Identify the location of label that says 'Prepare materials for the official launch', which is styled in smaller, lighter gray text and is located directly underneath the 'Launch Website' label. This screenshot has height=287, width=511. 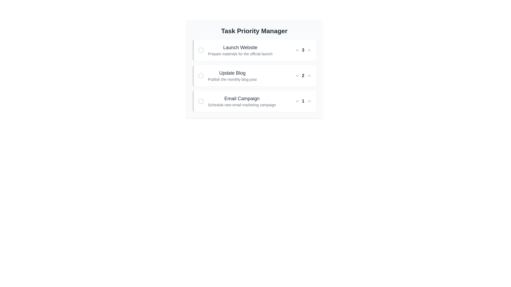
(240, 54).